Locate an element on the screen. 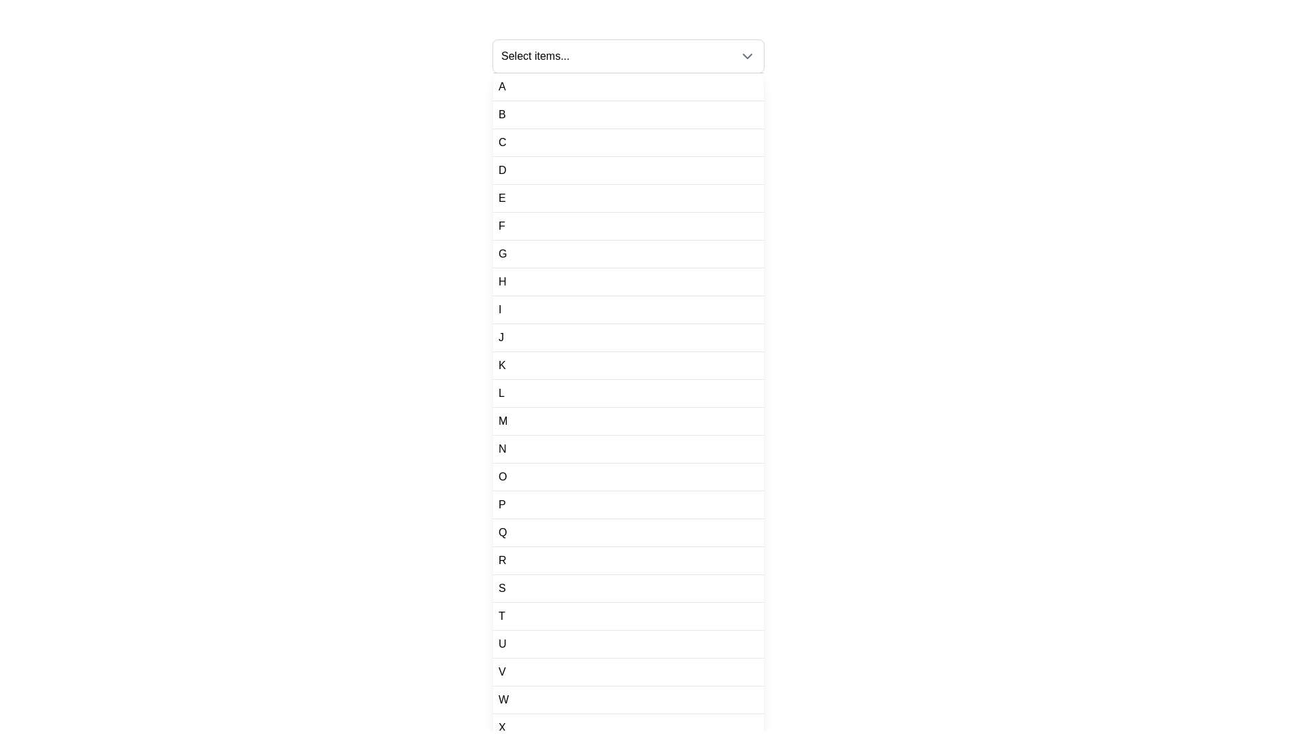 This screenshot has width=1306, height=734. to select the 17th item in the vertical list, which is visually separated by borders and functions as a navigational or informational component is located at coordinates (628, 532).